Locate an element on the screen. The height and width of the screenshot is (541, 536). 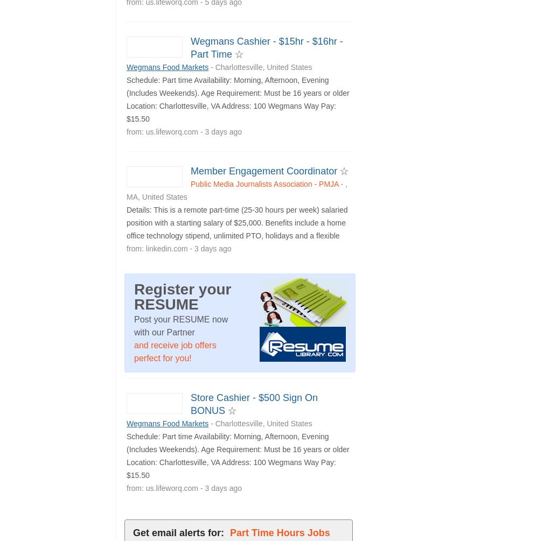
'from: linkedin.com' is located at coordinates (127, 248).